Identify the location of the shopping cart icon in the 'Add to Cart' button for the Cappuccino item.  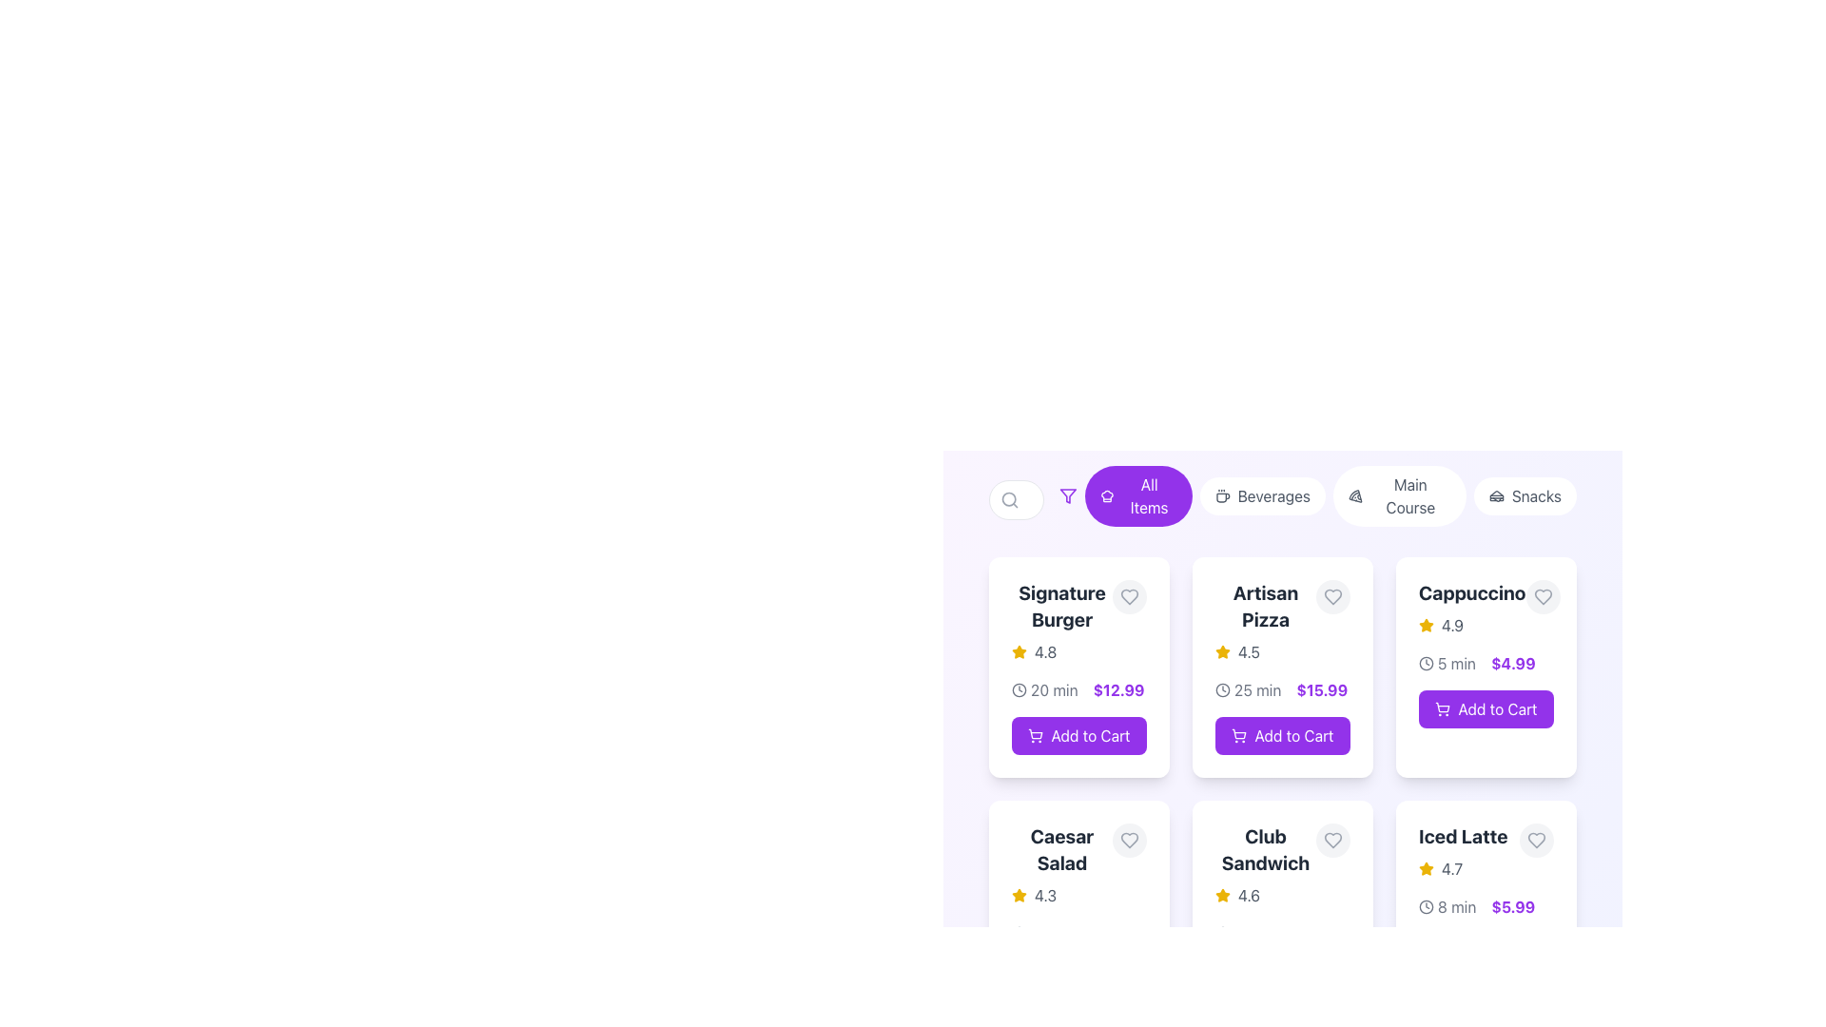
(1443, 707).